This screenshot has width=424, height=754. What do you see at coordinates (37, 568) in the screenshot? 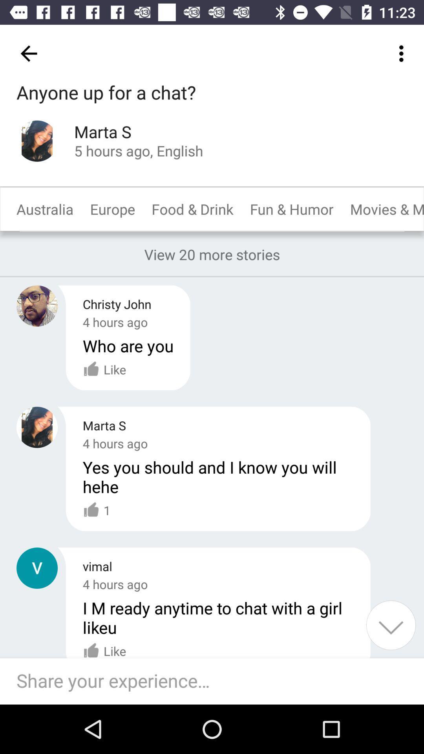
I see `profile` at bounding box center [37, 568].